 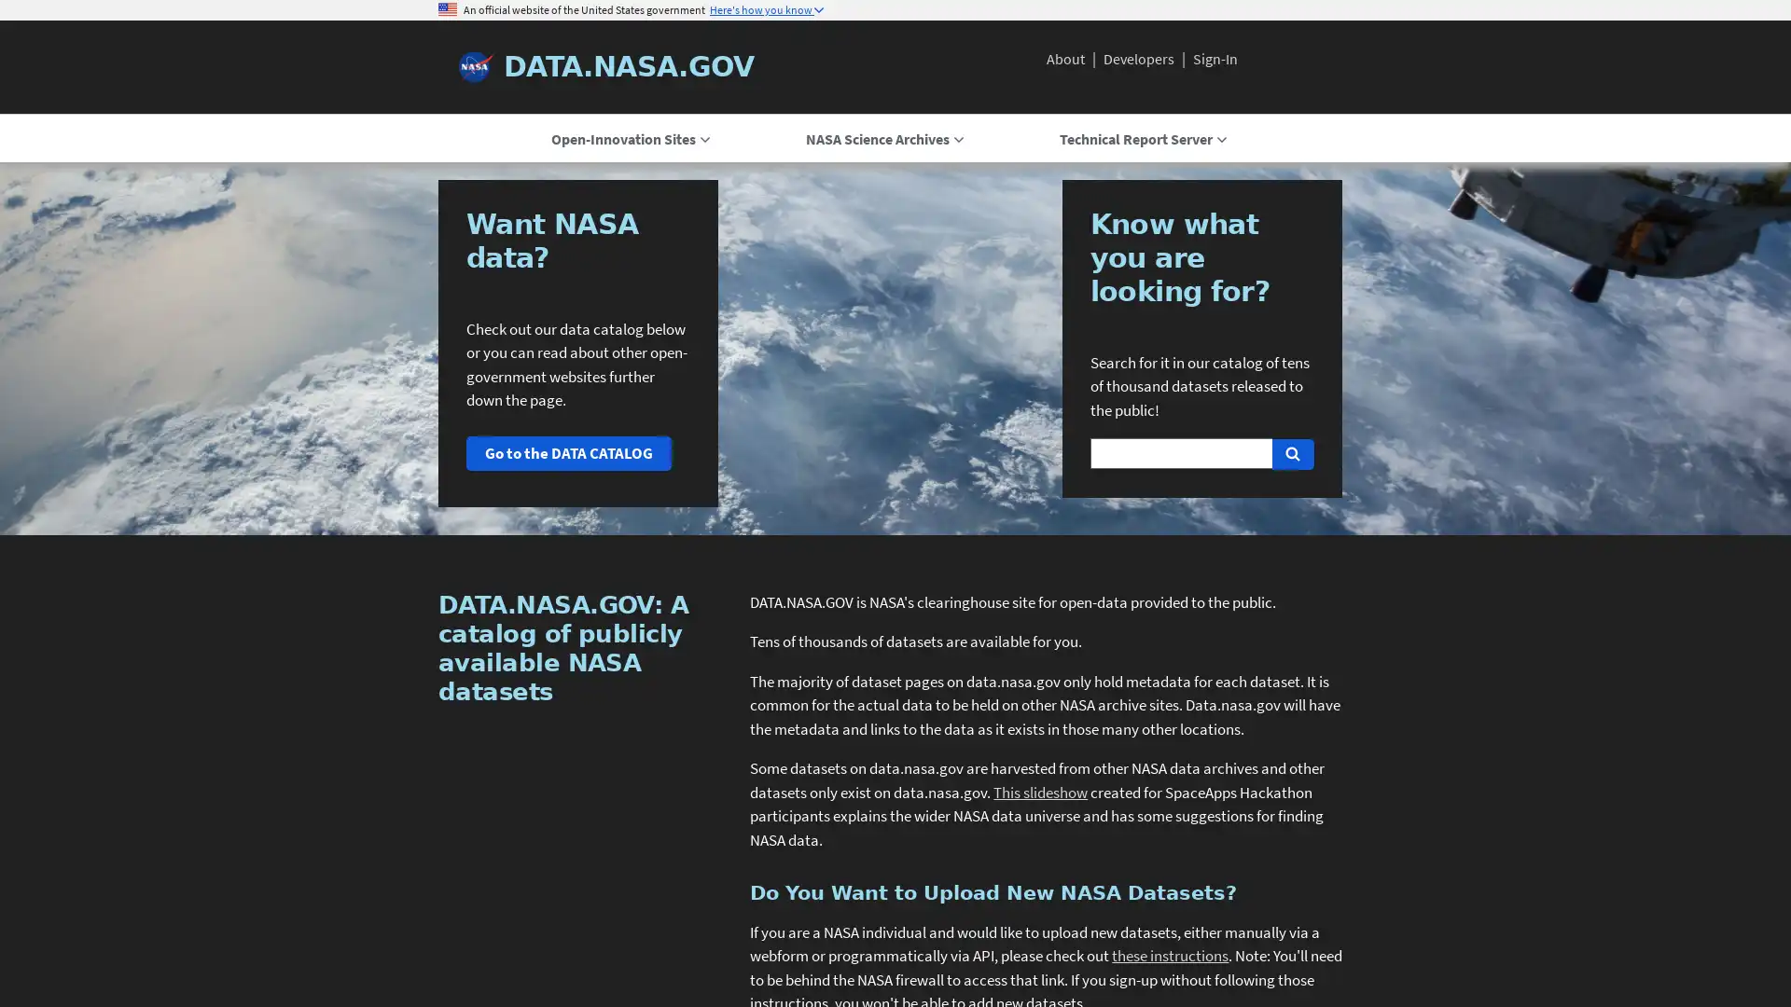 I want to click on Open-Innovation Sites, so click(x=630, y=138).